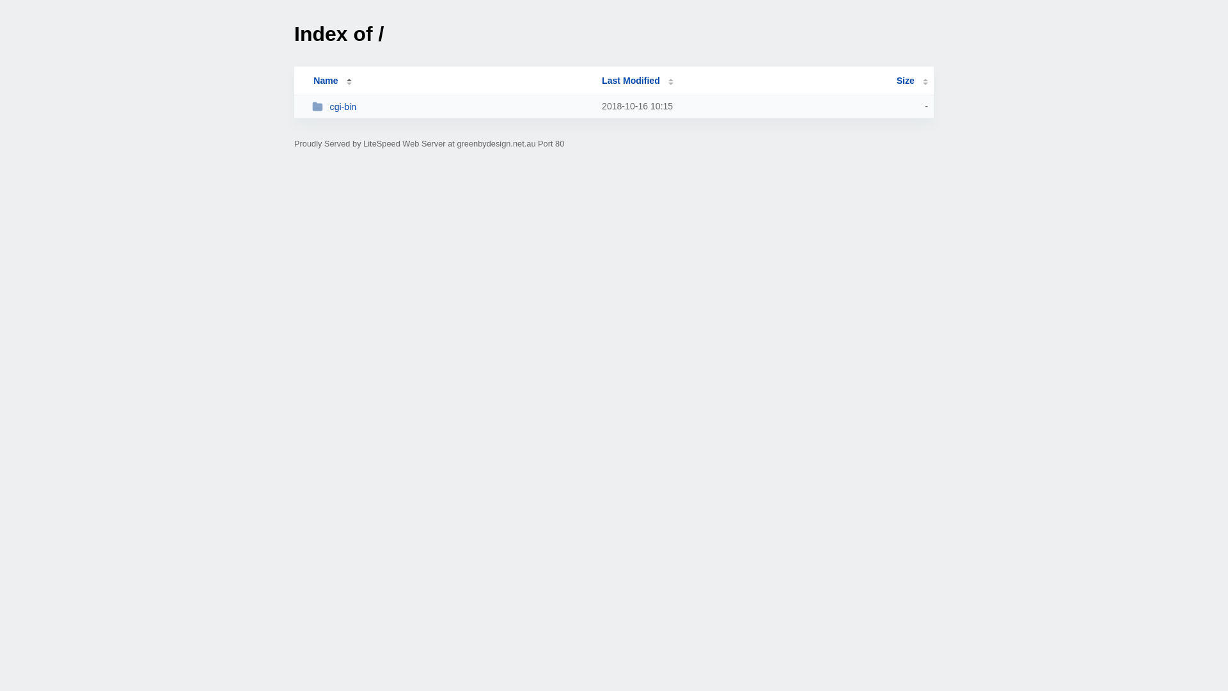 This screenshot has height=691, width=1228. What do you see at coordinates (325, 81) in the screenshot?
I see `'Name'` at bounding box center [325, 81].